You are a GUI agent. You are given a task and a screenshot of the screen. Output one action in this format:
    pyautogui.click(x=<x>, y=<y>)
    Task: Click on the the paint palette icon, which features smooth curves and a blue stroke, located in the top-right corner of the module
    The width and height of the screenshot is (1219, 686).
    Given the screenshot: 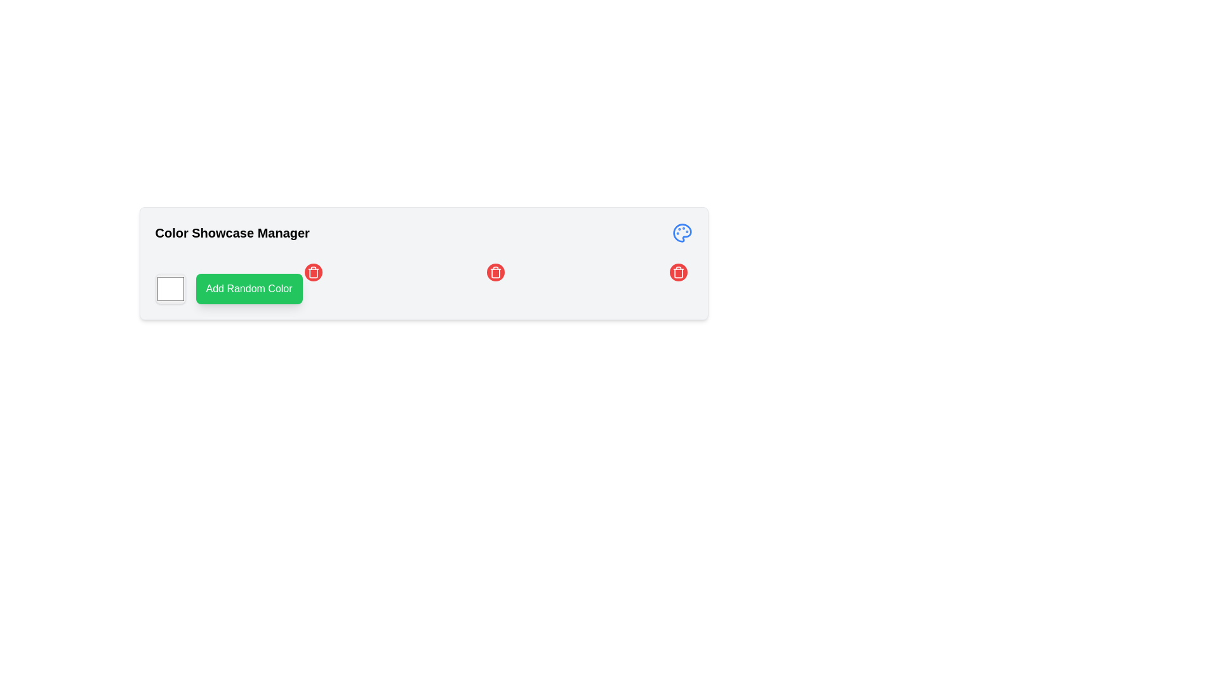 What is the action you would take?
    pyautogui.click(x=681, y=232)
    